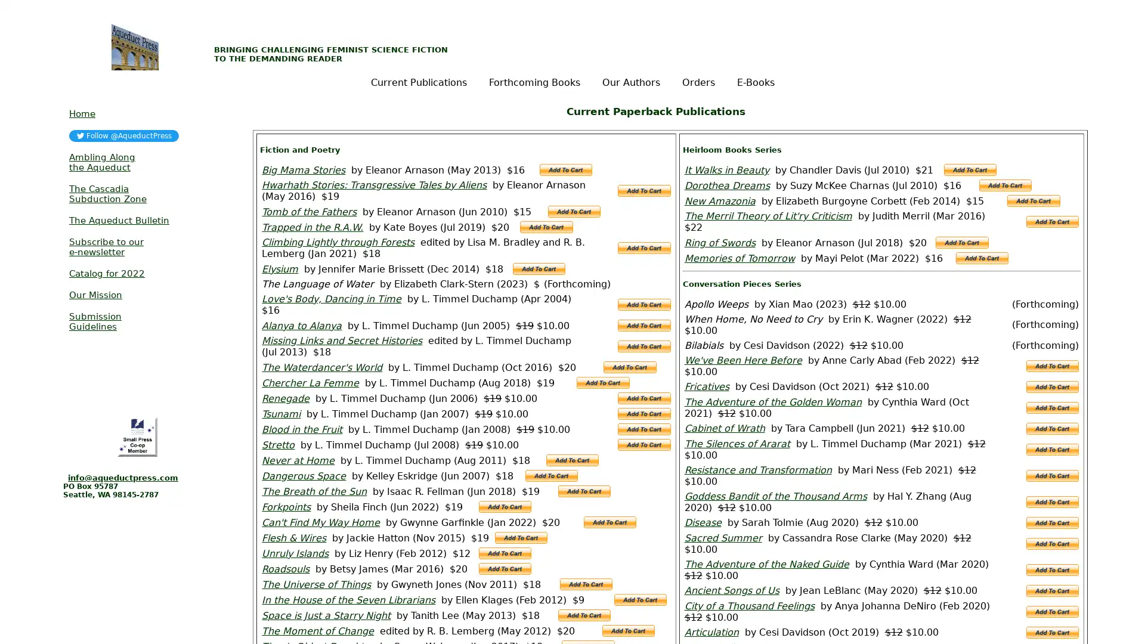 Image resolution: width=1145 pixels, height=644 pixels. What do you see at coordinates (603, 382) in the screenshot?
I see `Make payments with PayPal - it\'s fast, free and secure!` at bounding box center [603, 382].